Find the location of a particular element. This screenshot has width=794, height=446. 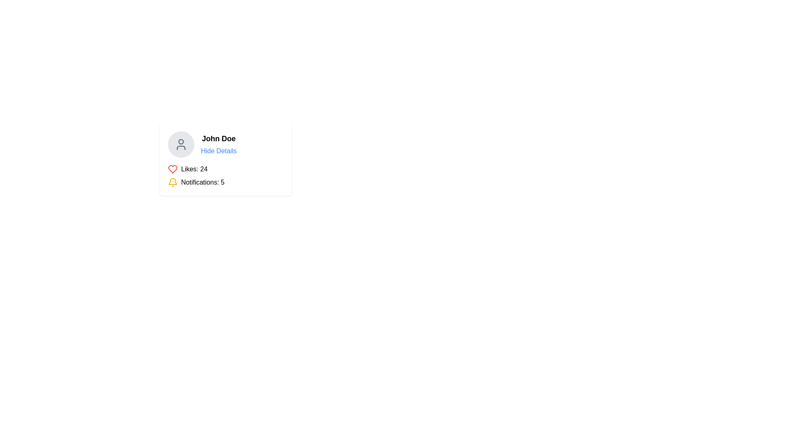

the user profile icon, which is a circular light gray icon located at the upper-left corner of the profile information card is located at coordinates (180, 144).